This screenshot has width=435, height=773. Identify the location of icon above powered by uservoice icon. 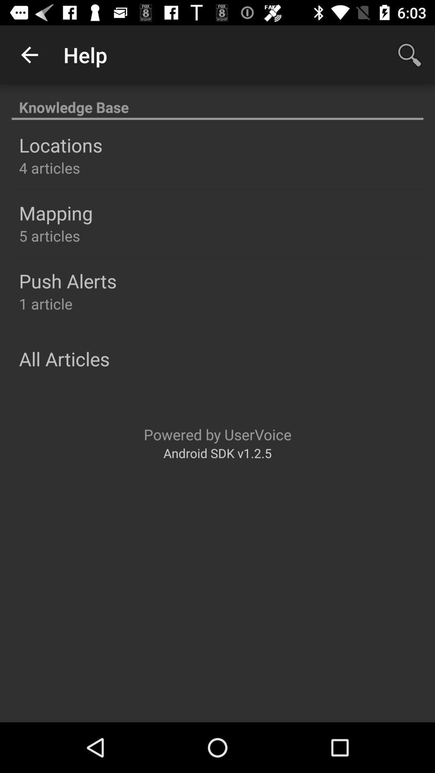
(64, 358).